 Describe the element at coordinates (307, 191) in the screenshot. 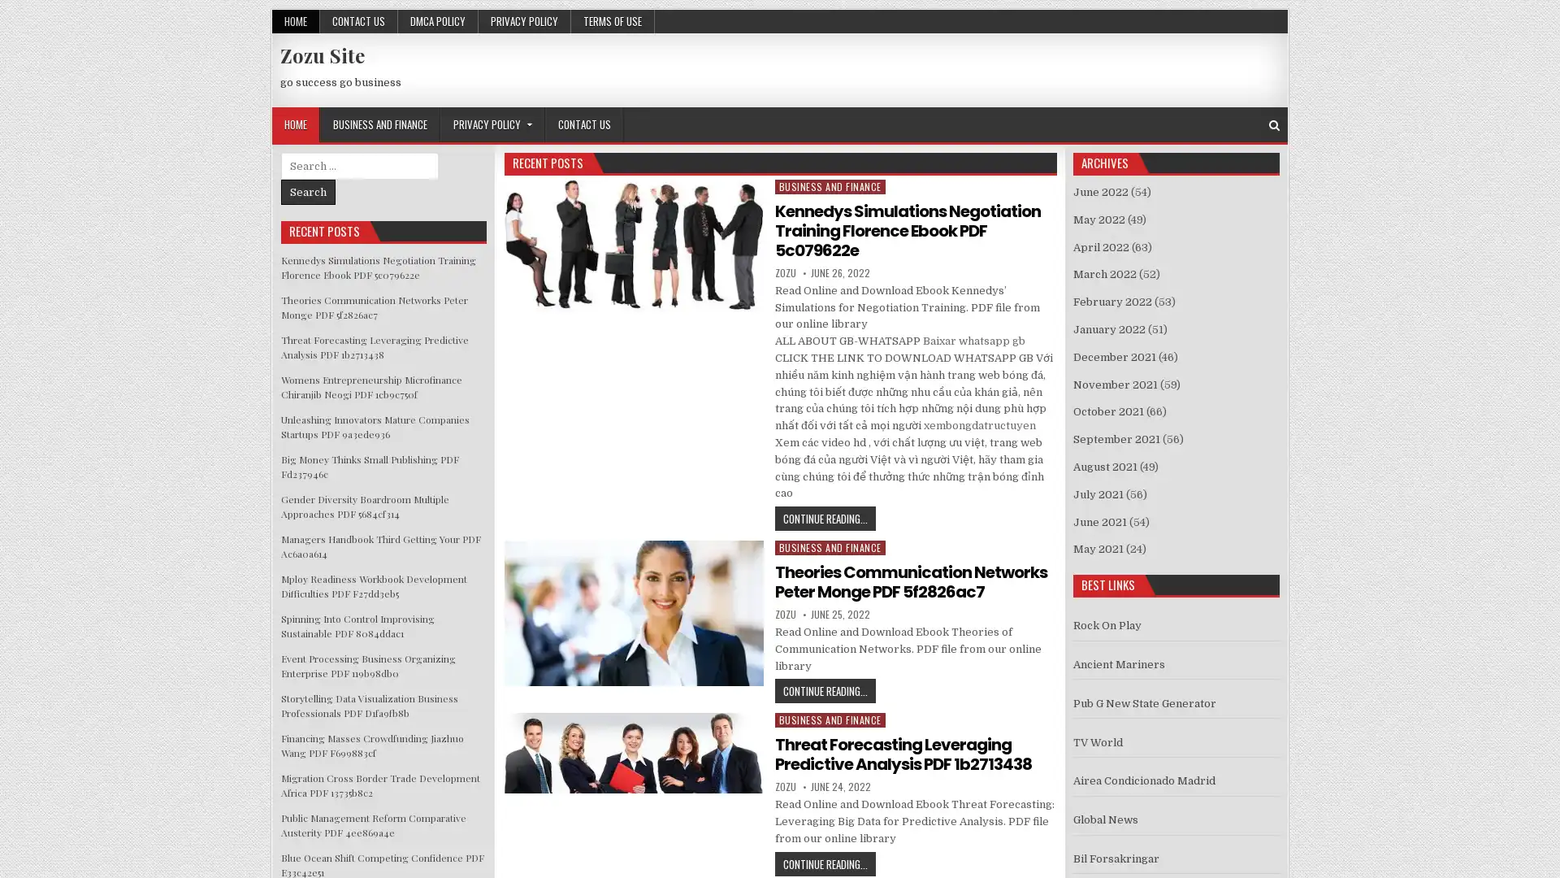

I see `Search` at that location.